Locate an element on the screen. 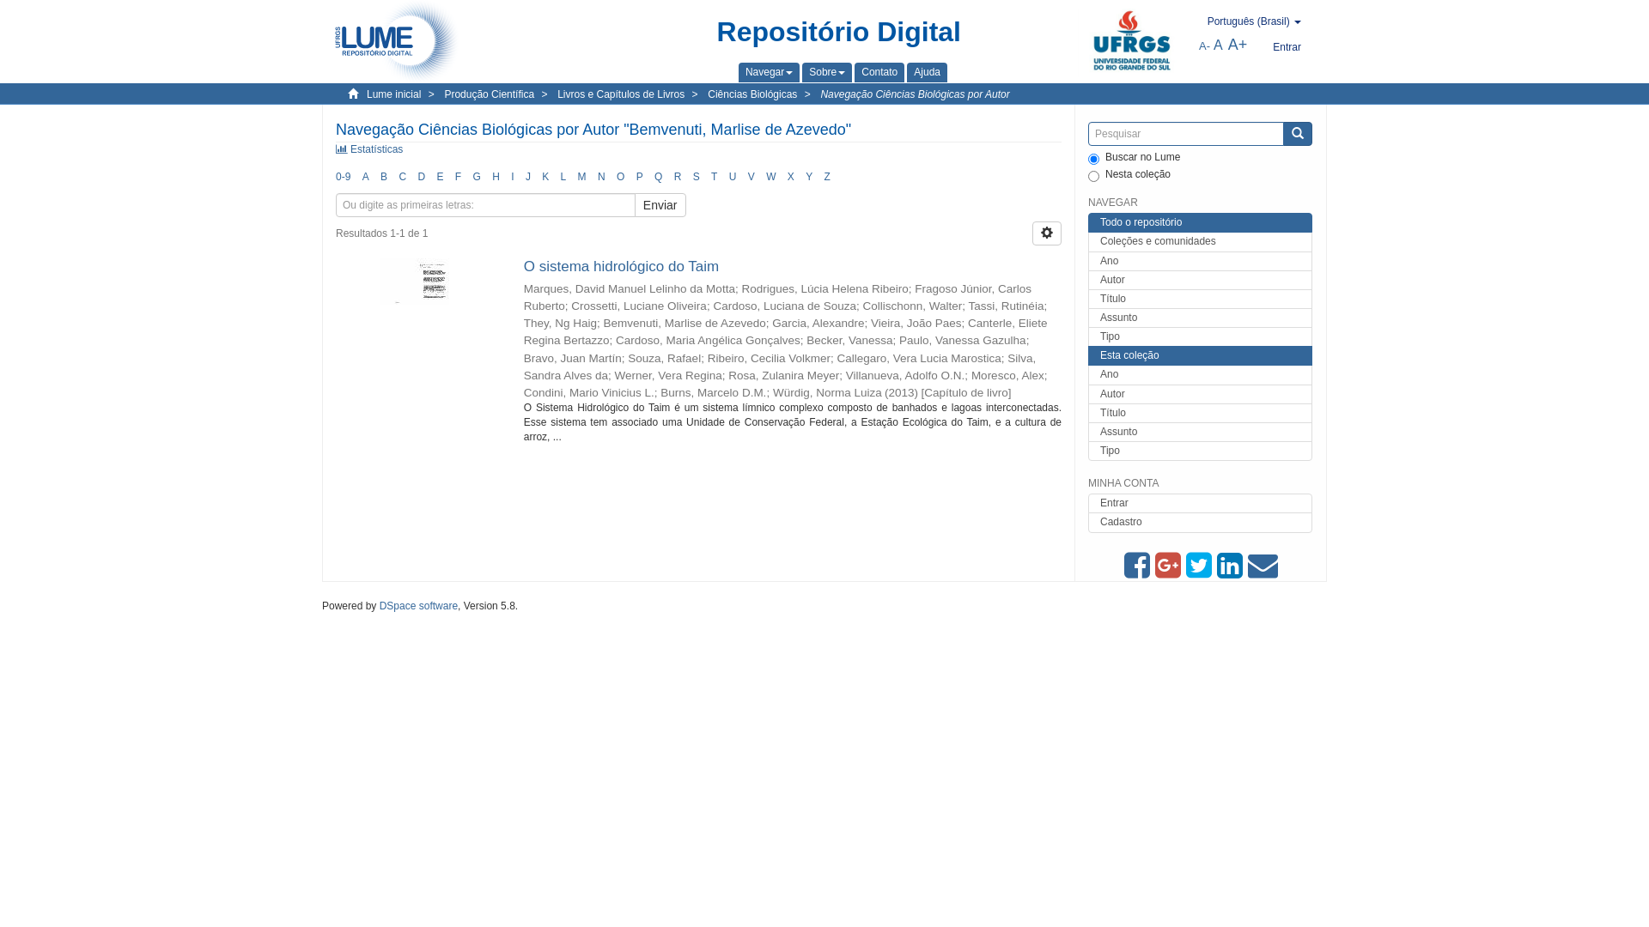 The image size is (1649, 927). 'Sobre' is located at coordinates (827, 71).